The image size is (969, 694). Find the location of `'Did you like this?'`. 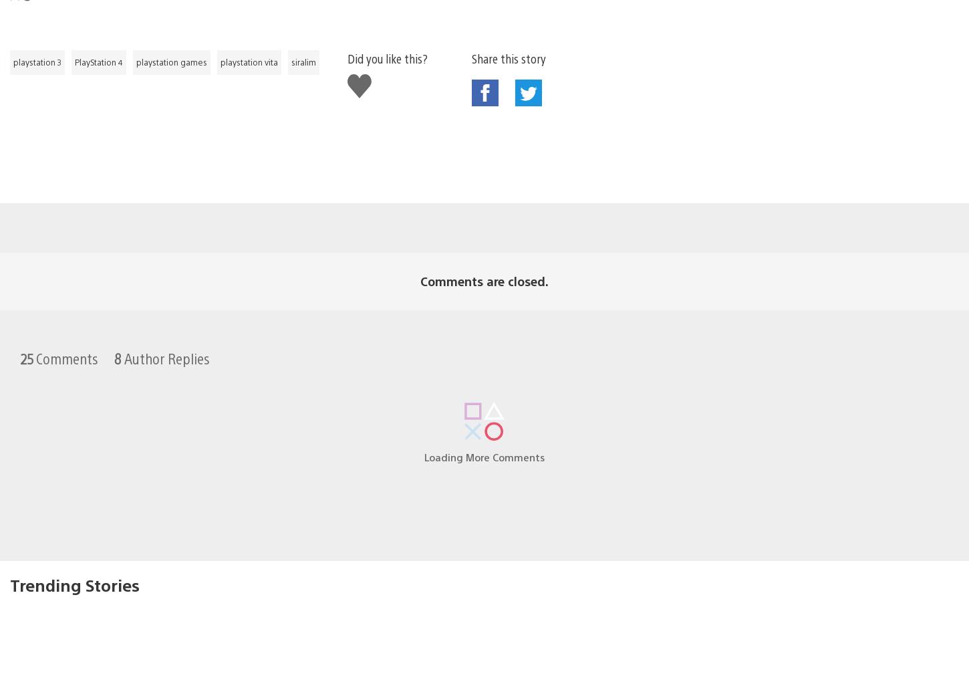

'Did you like this?' is located at coordinates (388, 36).